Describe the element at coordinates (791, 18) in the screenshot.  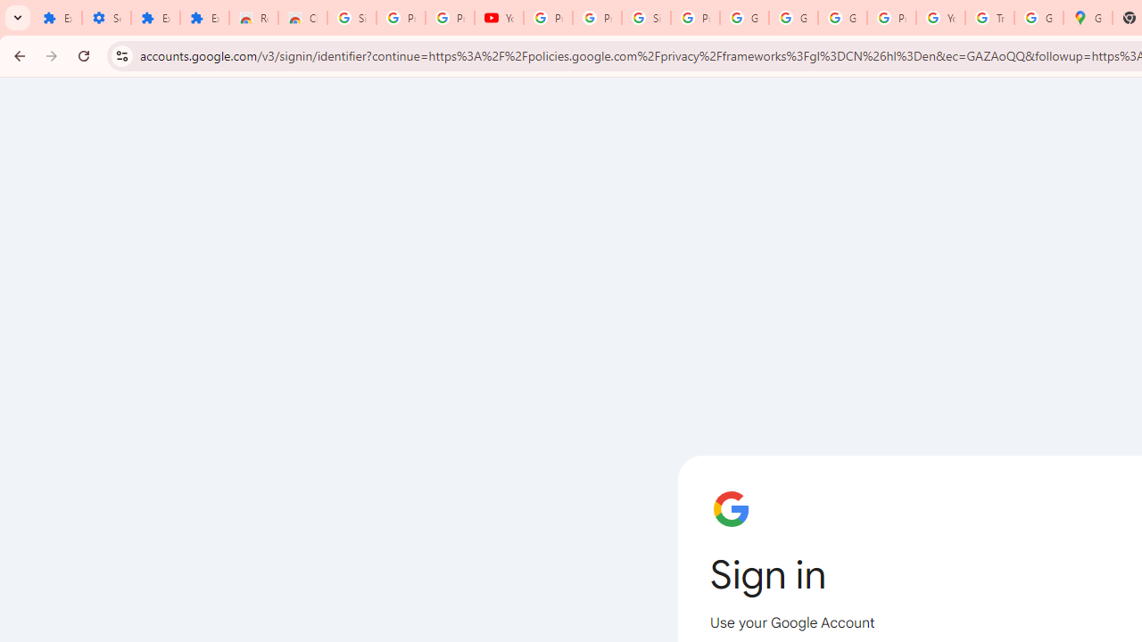
I see `'Google Account'` at that location.